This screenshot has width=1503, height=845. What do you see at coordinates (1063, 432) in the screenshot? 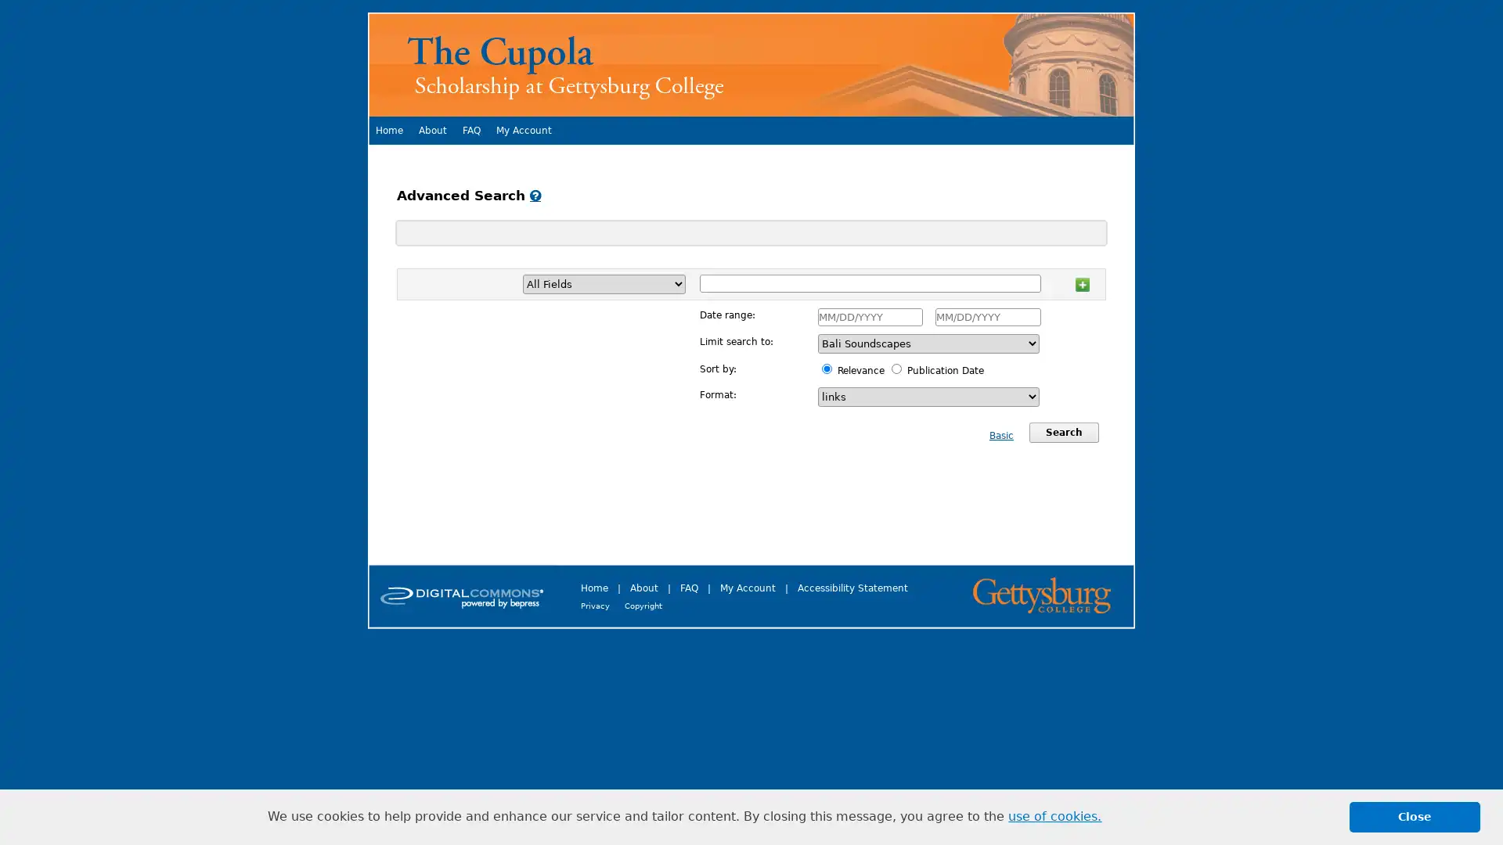
I see `Search` at bounding box center [1063, 432].